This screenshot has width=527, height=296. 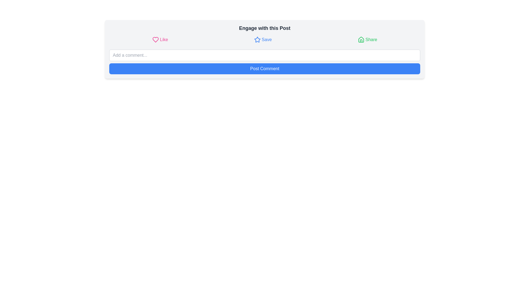 What do you see at coordinates (257, 39) in the screenshot?
I see `the star-shaped icon located at the top center of the interface, positioned between the heart icon and the house icon` at bounding box center [257, 39].